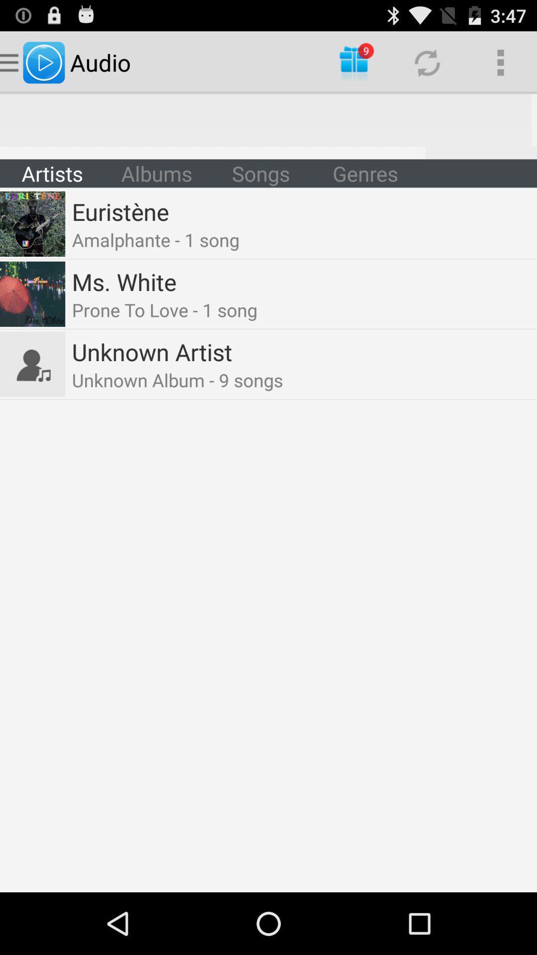  Describe the element at coordinates (268, 126) in the screenshot. I see `the app above the artists item` at that location.